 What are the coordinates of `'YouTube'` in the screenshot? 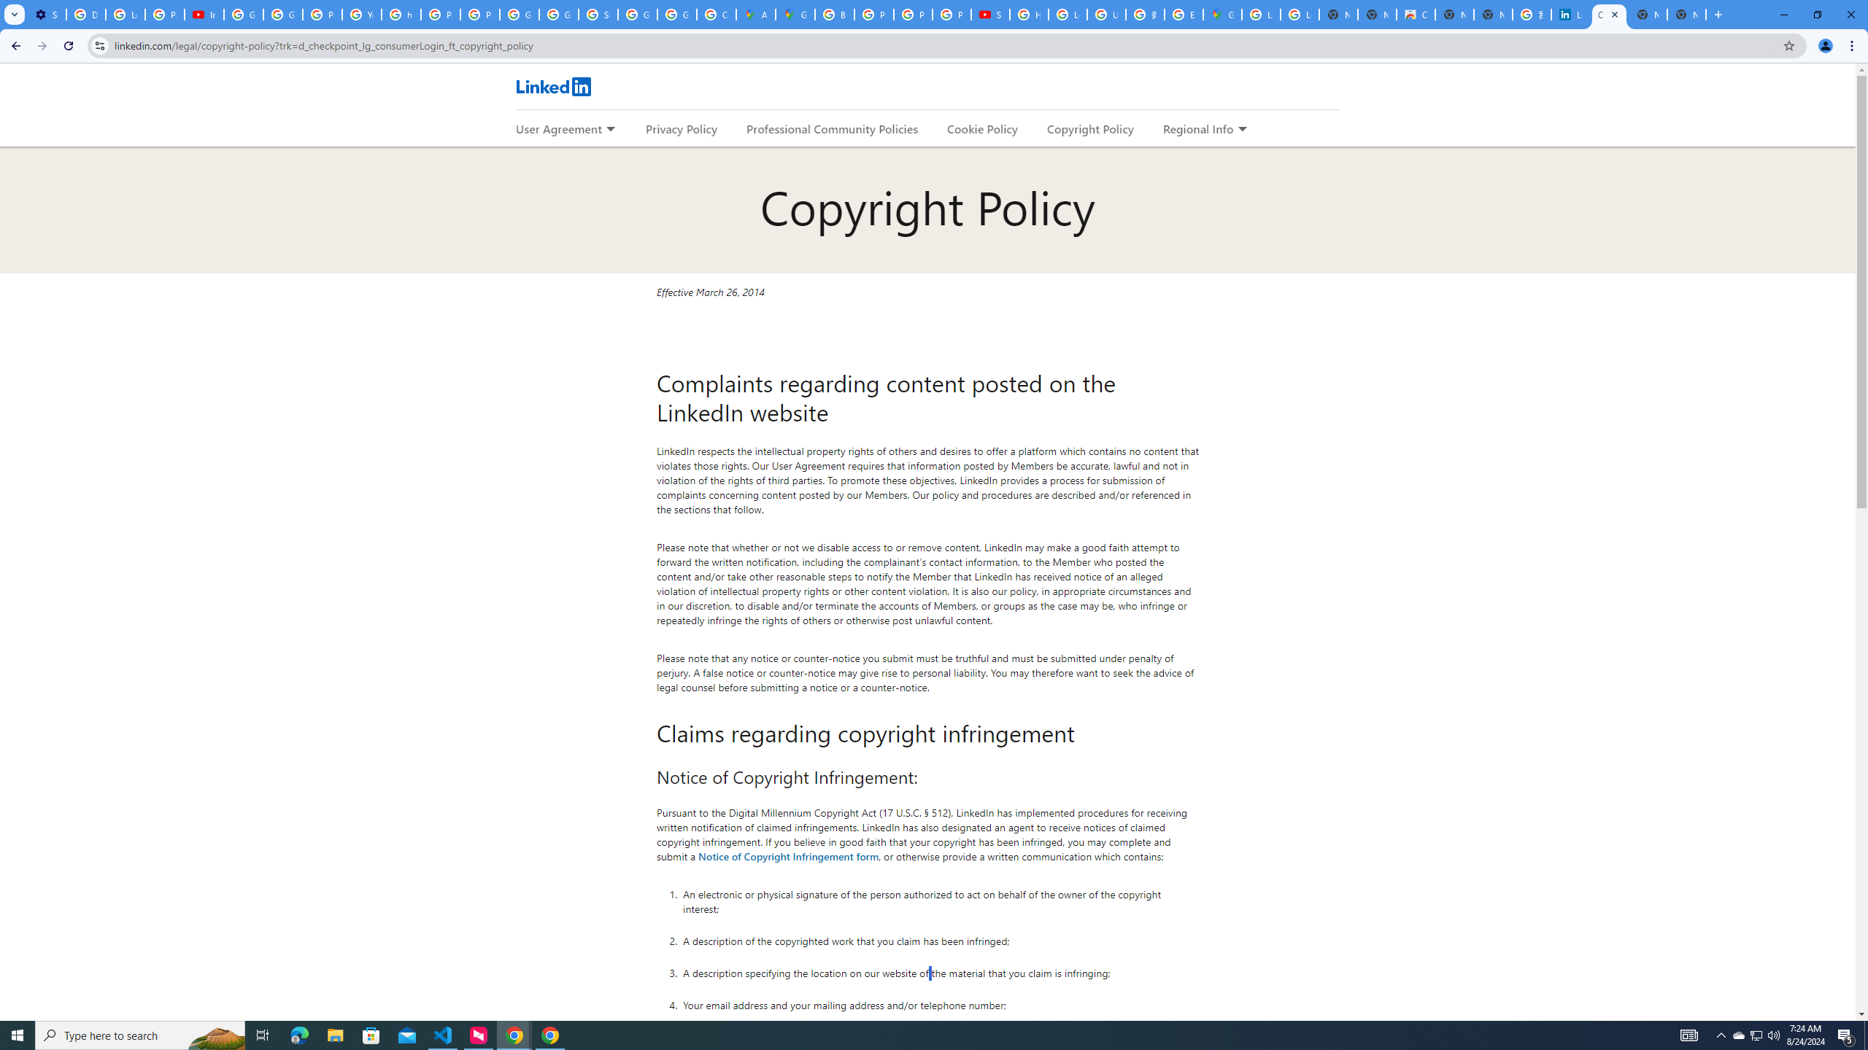 It's located at (362, 14).